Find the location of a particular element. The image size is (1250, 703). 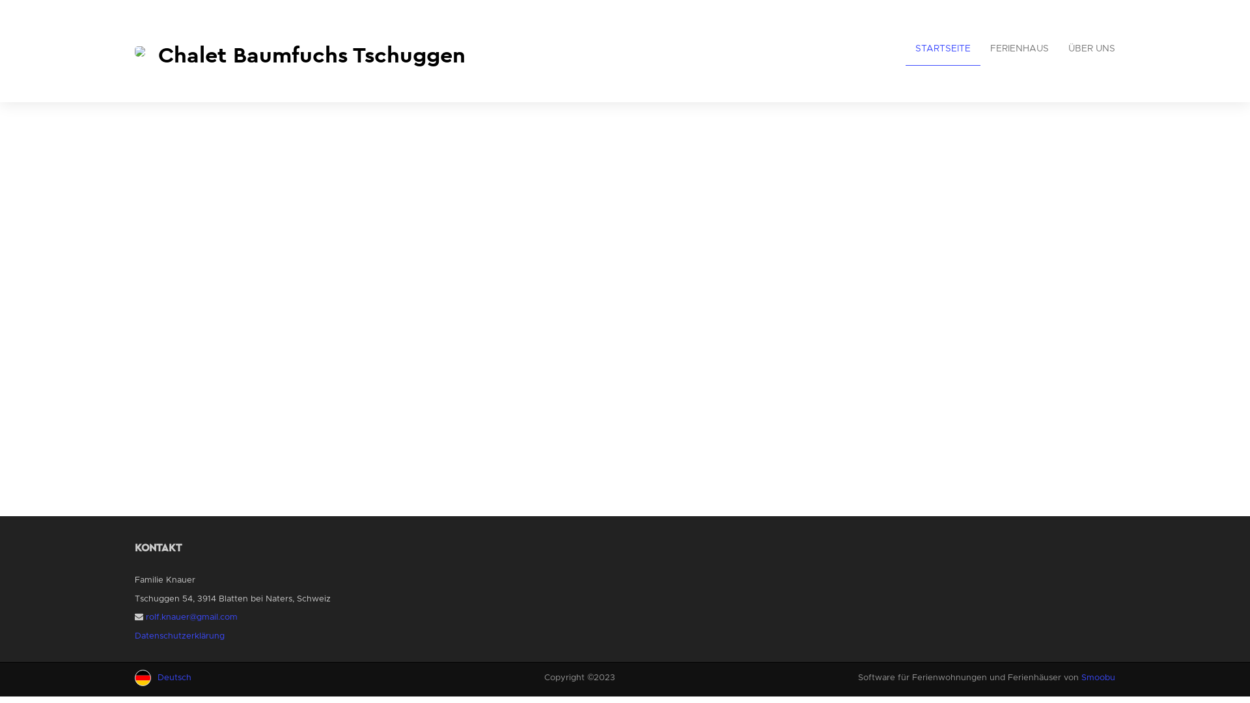

'STARTSEITE' is located at coordinates (943, 48).